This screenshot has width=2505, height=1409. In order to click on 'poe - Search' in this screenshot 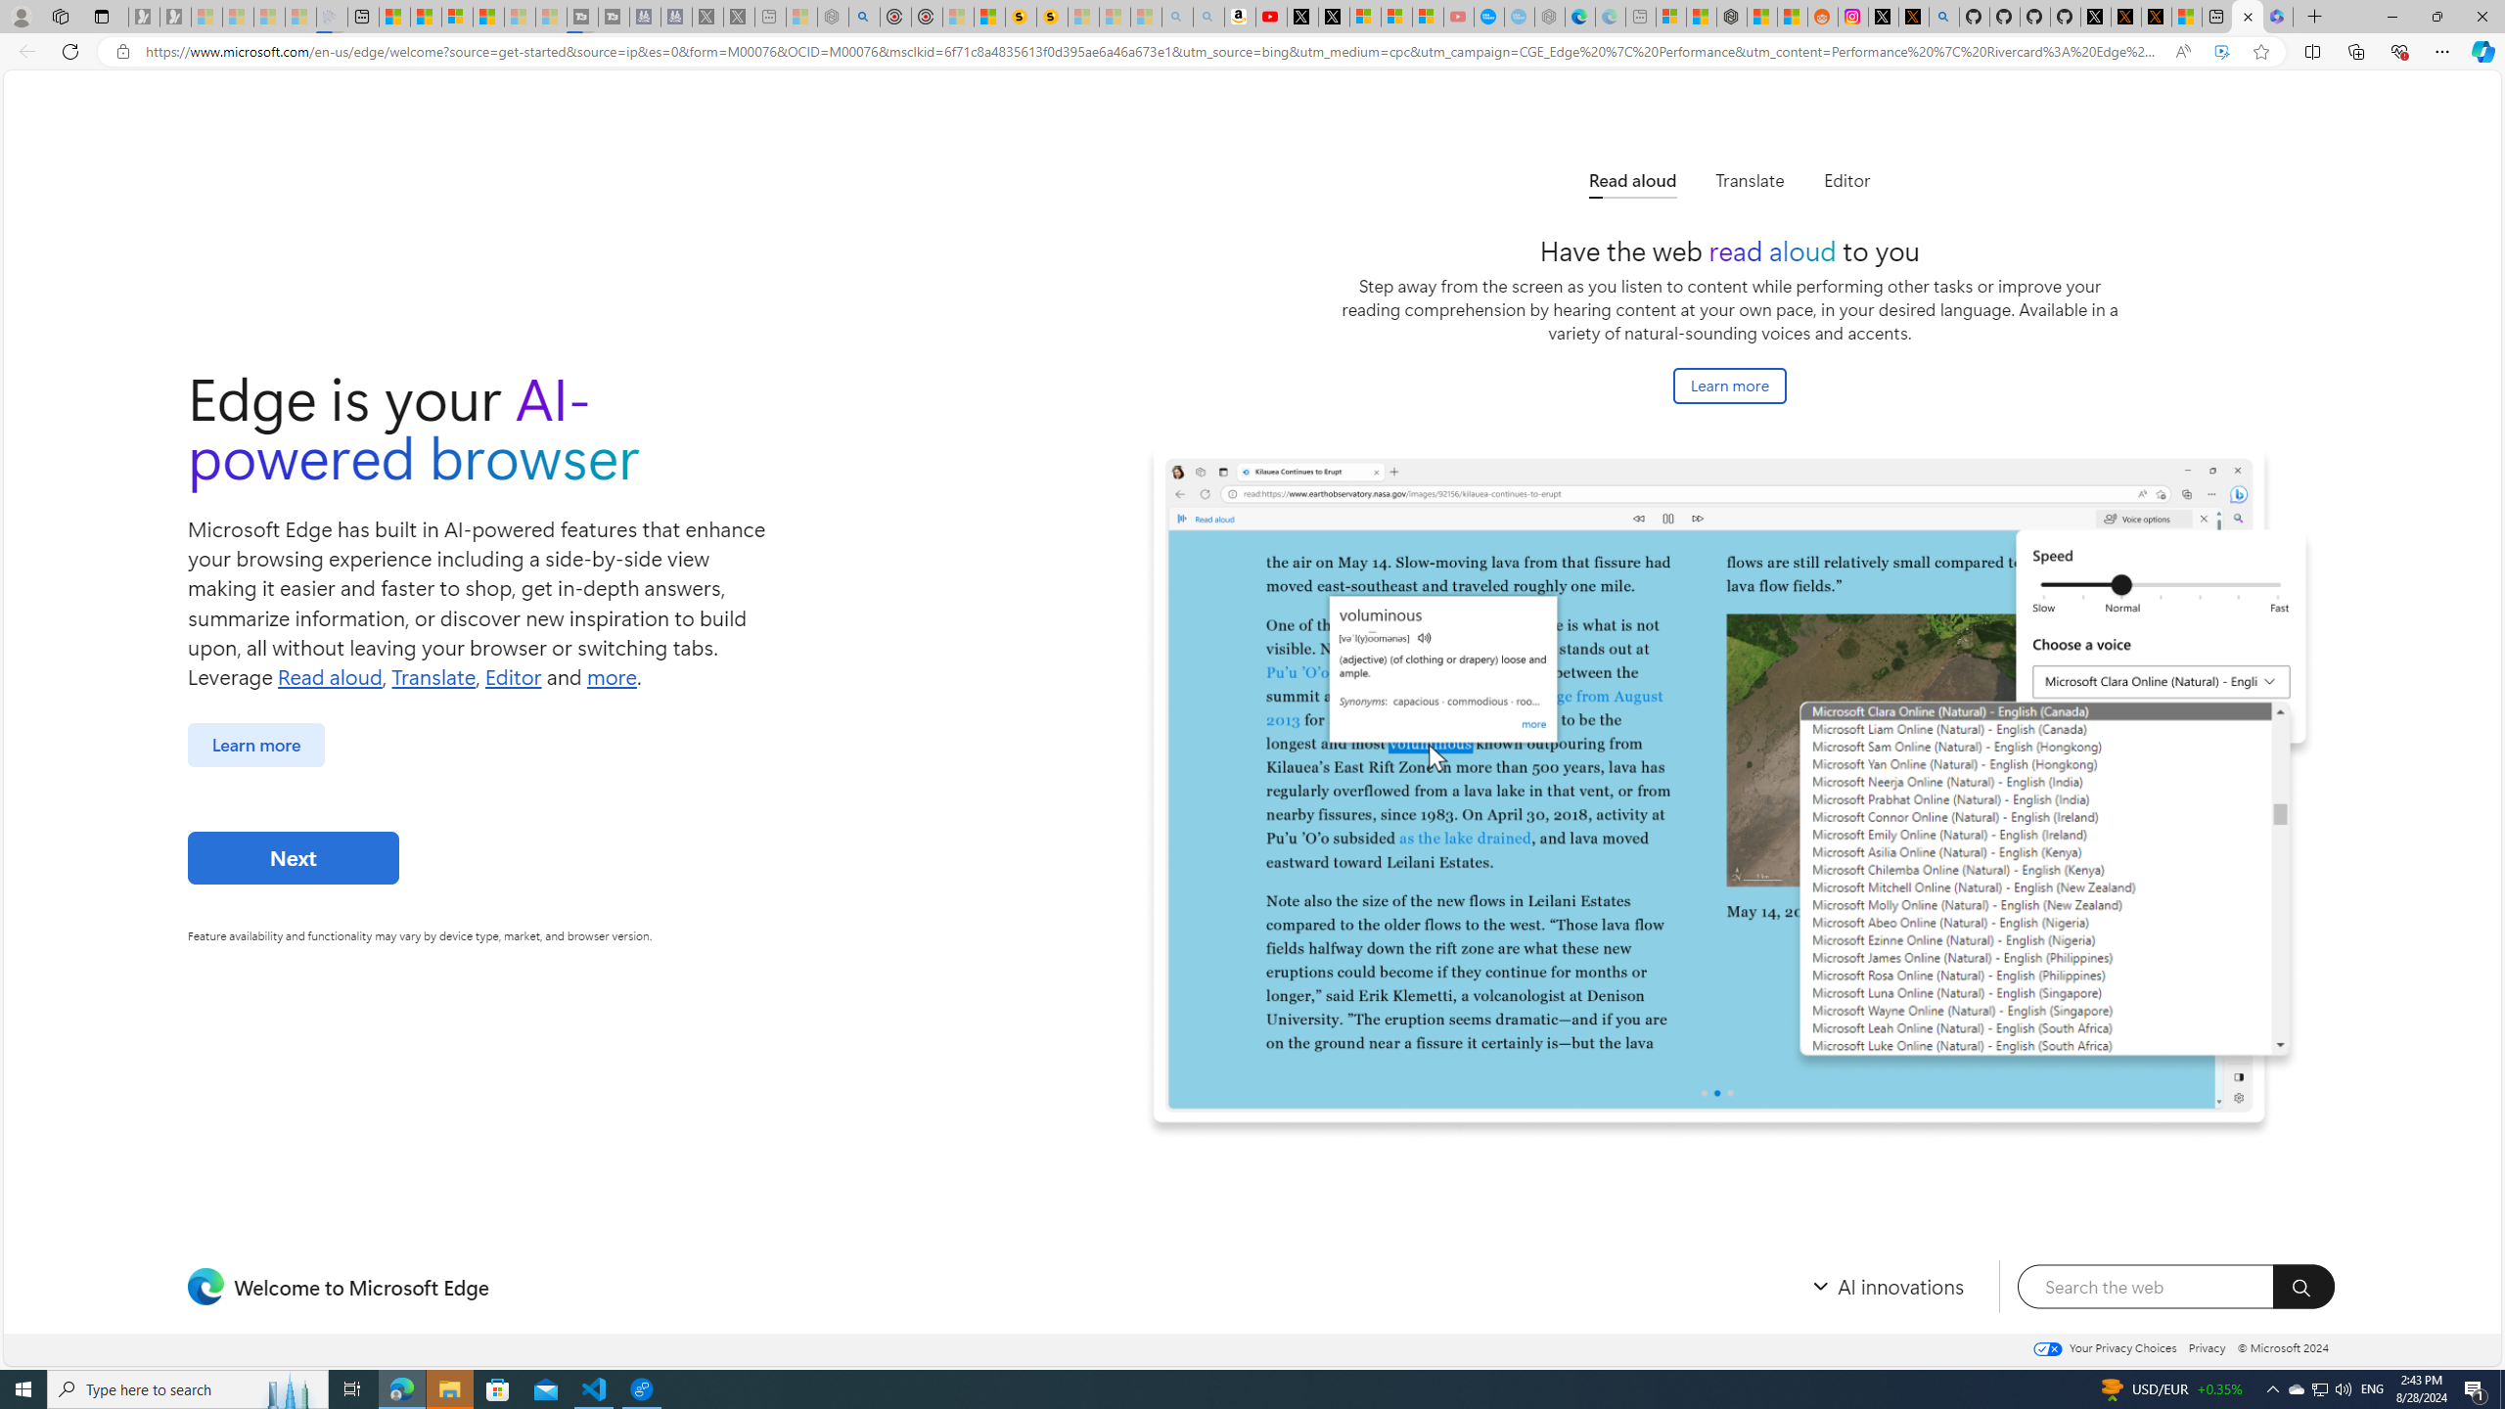, I will do `click(865, 16)`.